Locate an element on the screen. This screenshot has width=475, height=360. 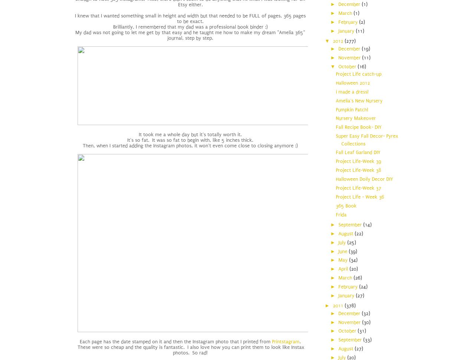
'(31)' is located at coordinates (361, 331).